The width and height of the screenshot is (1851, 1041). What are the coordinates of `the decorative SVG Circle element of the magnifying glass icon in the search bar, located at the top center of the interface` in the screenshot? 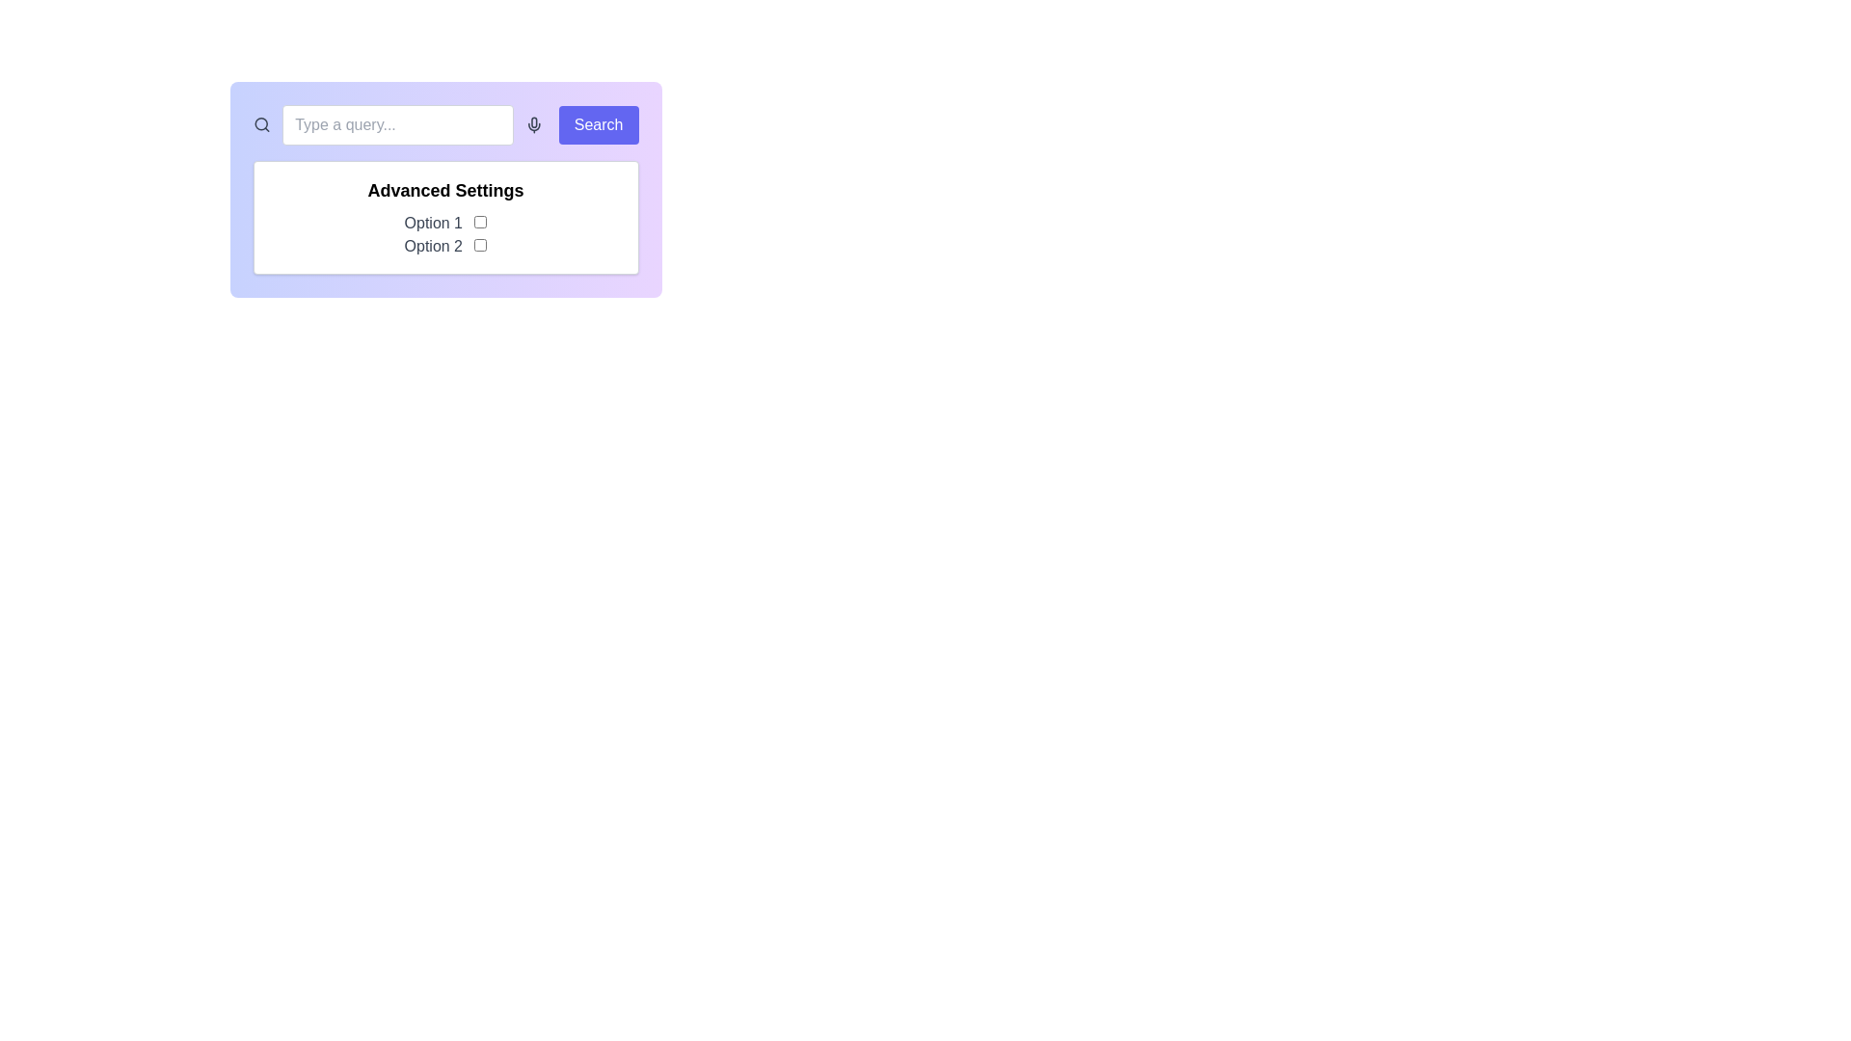 It's located at (260, 124).